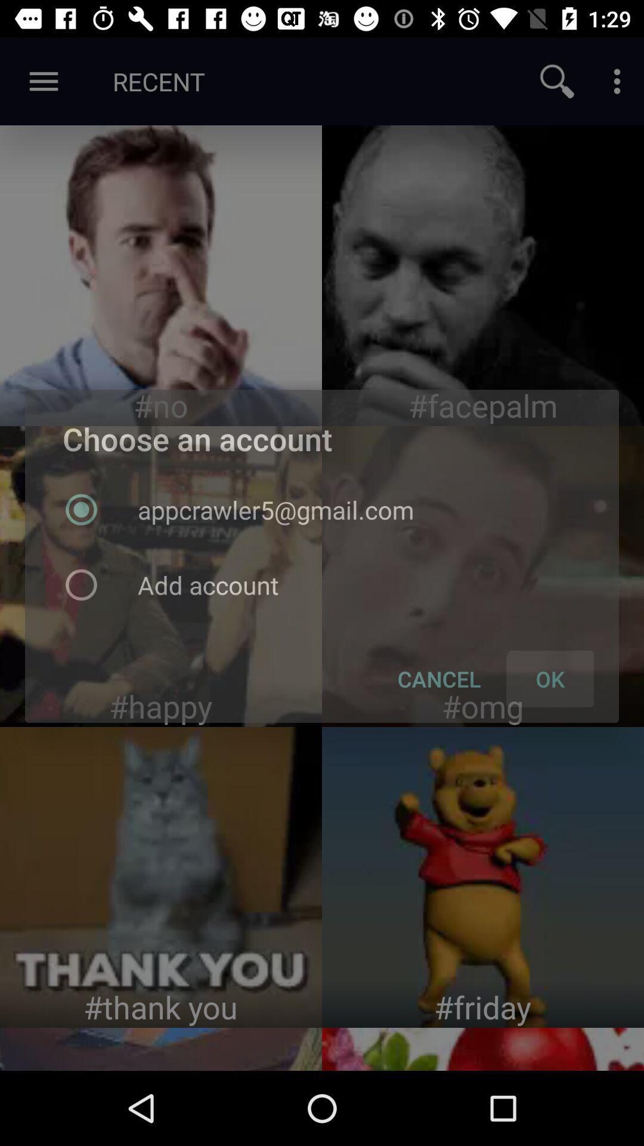 This screenshot has width=644, height=1146. Describe the element at coordinates (483, 275) in the screenshot. I see `element` at that location.